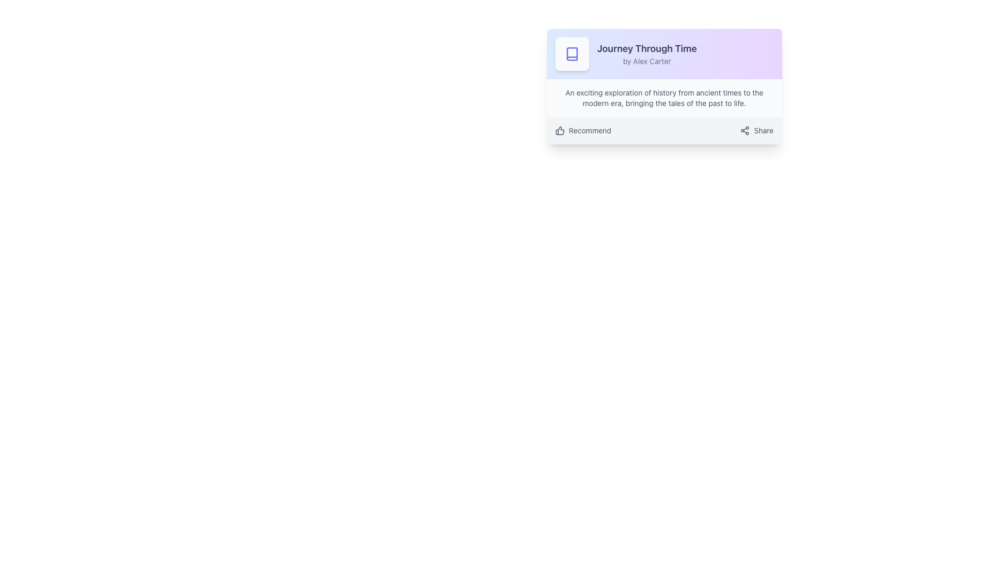 The width and height of the screenshot is (1008, 567). What do you see at coordinates (590, 130) in the screenshot?
I see `the 'Recommend' text label, which is styled in light gray and located on the lower-left part of the 'Journey Through Time' content card, adjacent to a thumbs-up icon` at bounding box center [590, 130].